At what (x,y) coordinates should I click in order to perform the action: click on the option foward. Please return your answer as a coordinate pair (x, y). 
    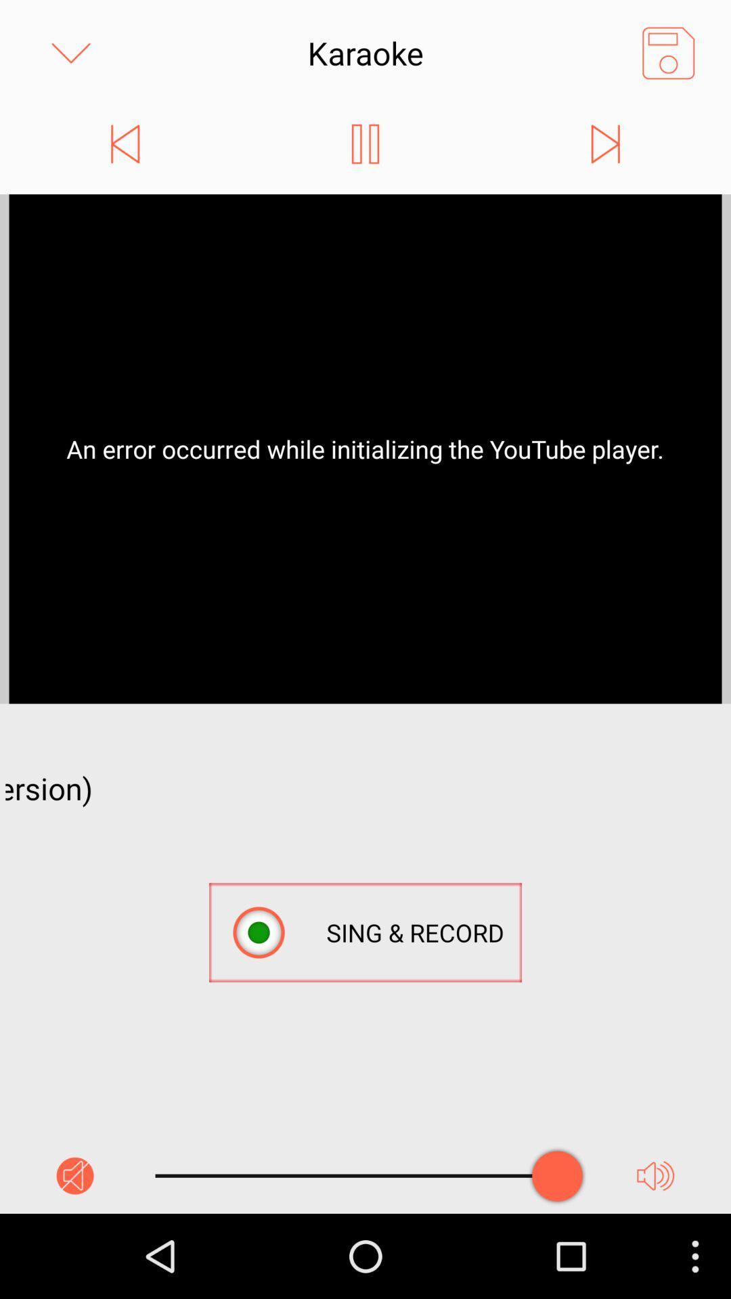
    Looking at the image, I should click on (604, 143).